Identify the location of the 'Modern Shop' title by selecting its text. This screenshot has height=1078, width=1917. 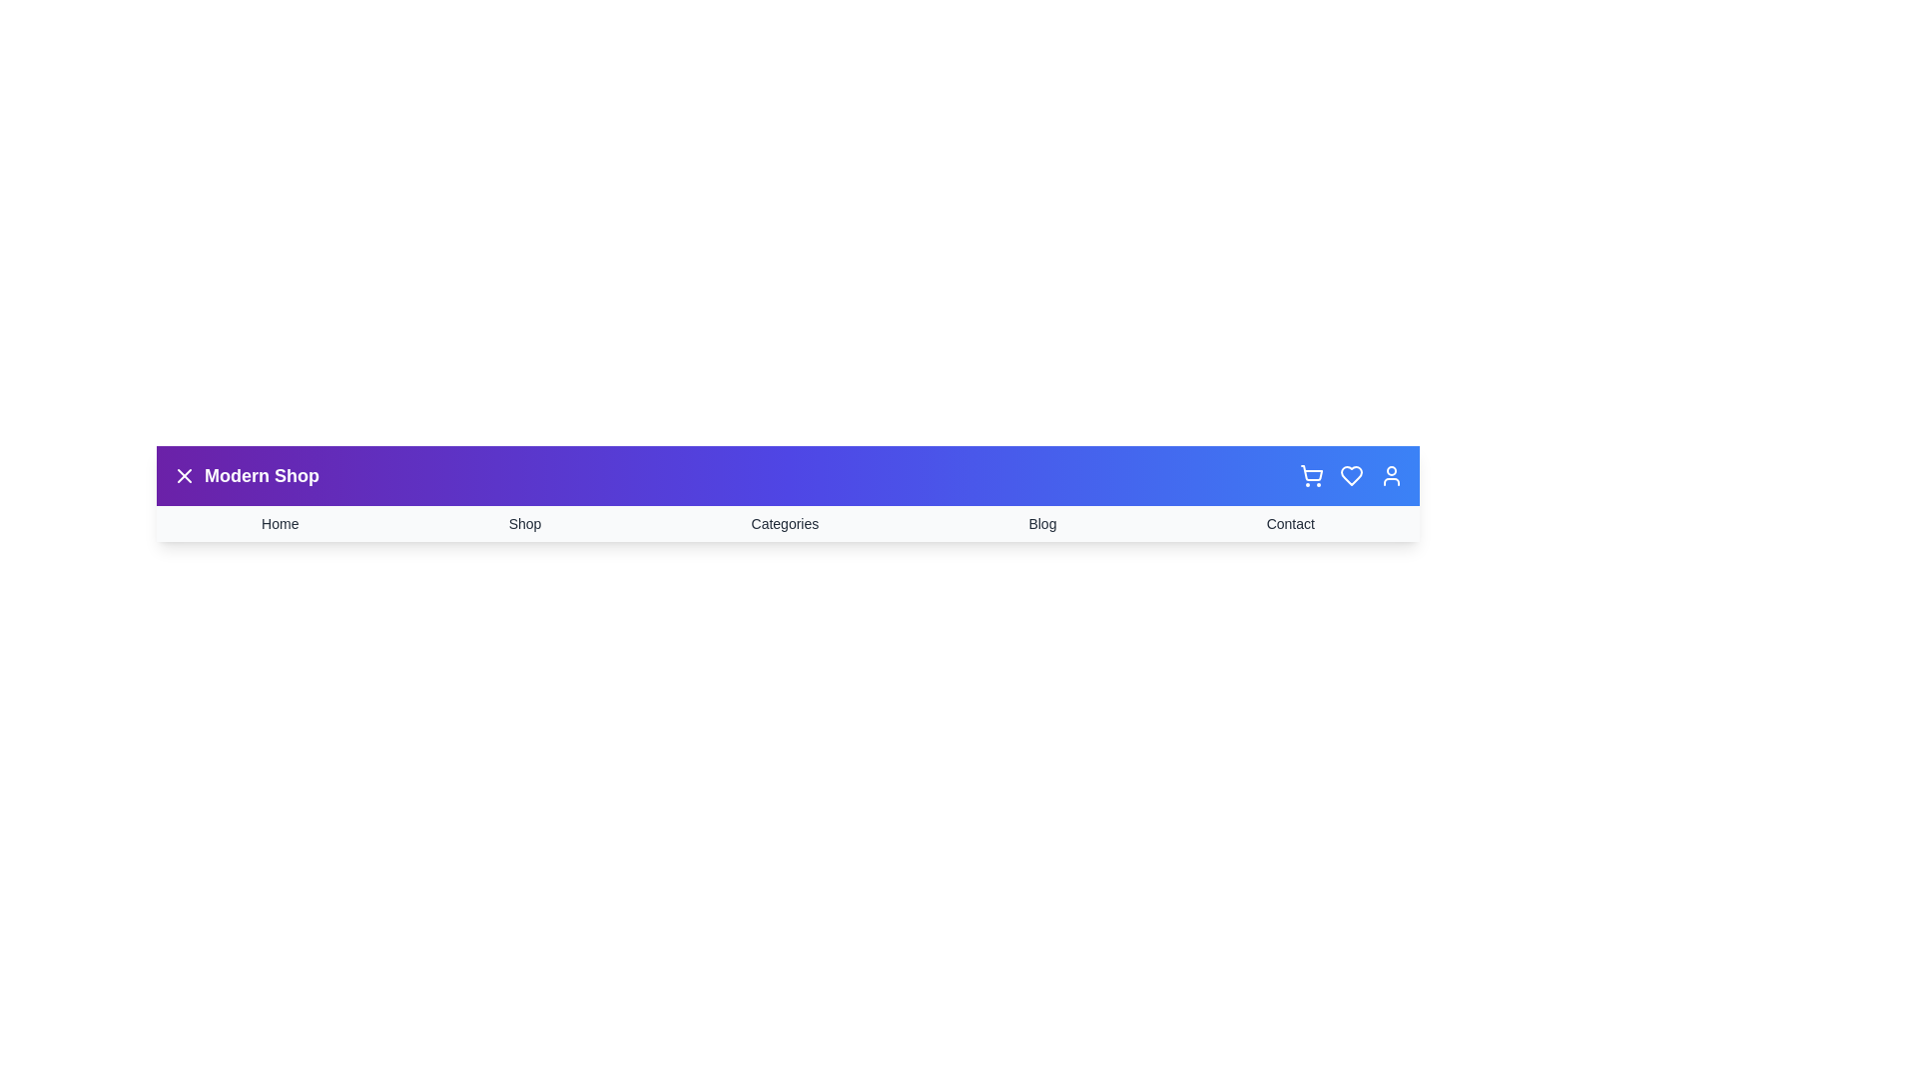
(245, 476).